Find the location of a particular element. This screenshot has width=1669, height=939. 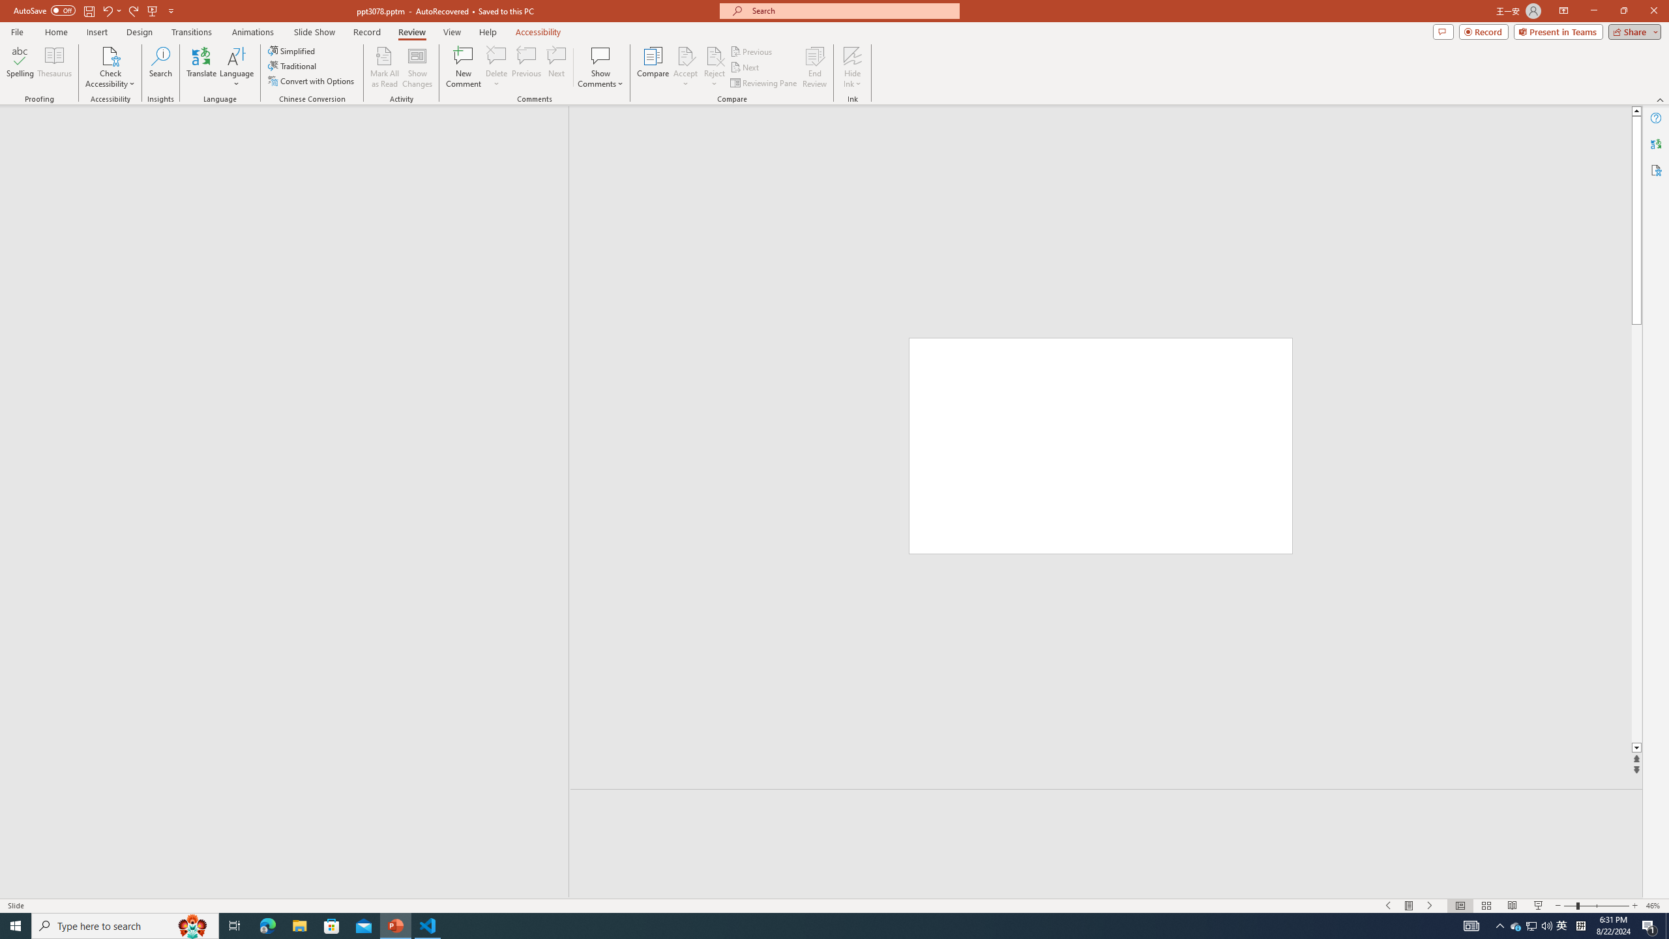

'Thesaurus...' is located at coordinates (53, 67).